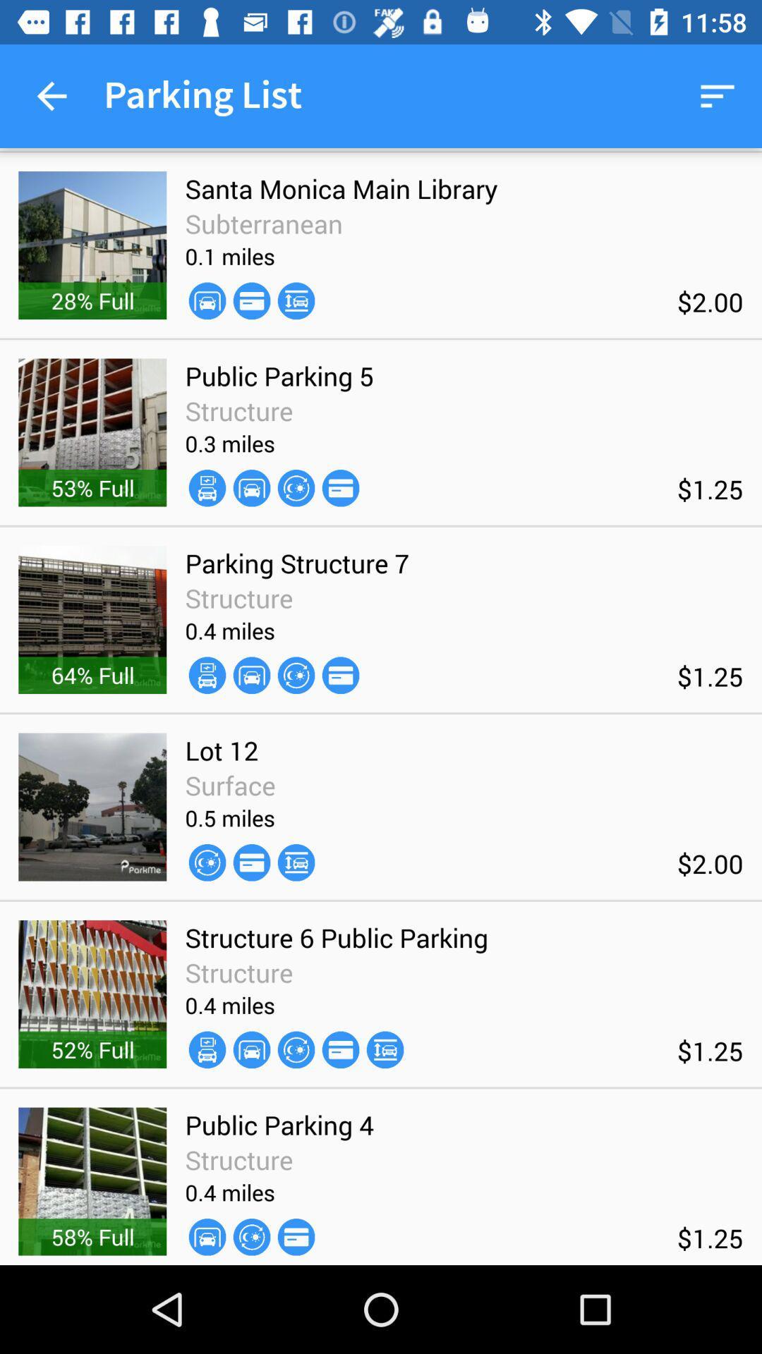 The image size is (762, 1354). I want to click on the 53% full icon, so click(92, 487).